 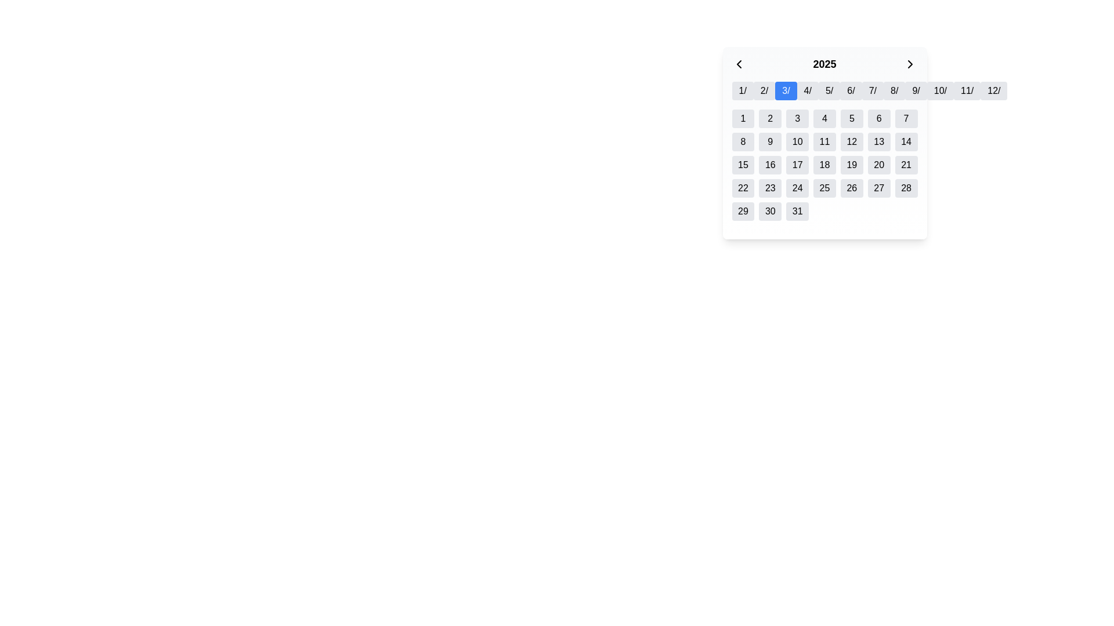 I want to click on the leftward-pointing chevron icon in the date picker interface, so click(x=738, y=64).